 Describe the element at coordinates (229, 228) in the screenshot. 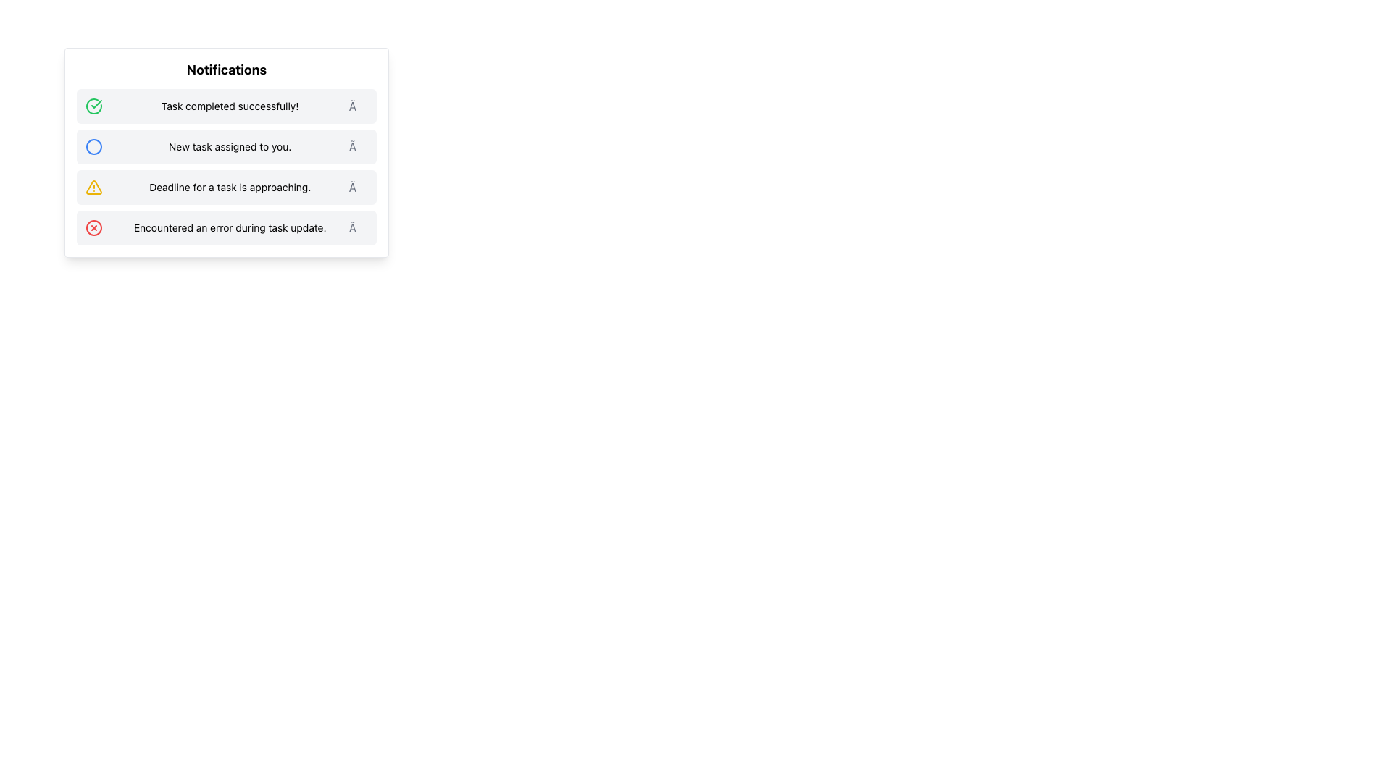

I see `the static text label displaying 'Encountered an error during task update.' located in the notification block at the bottom row of notifications` at that location.